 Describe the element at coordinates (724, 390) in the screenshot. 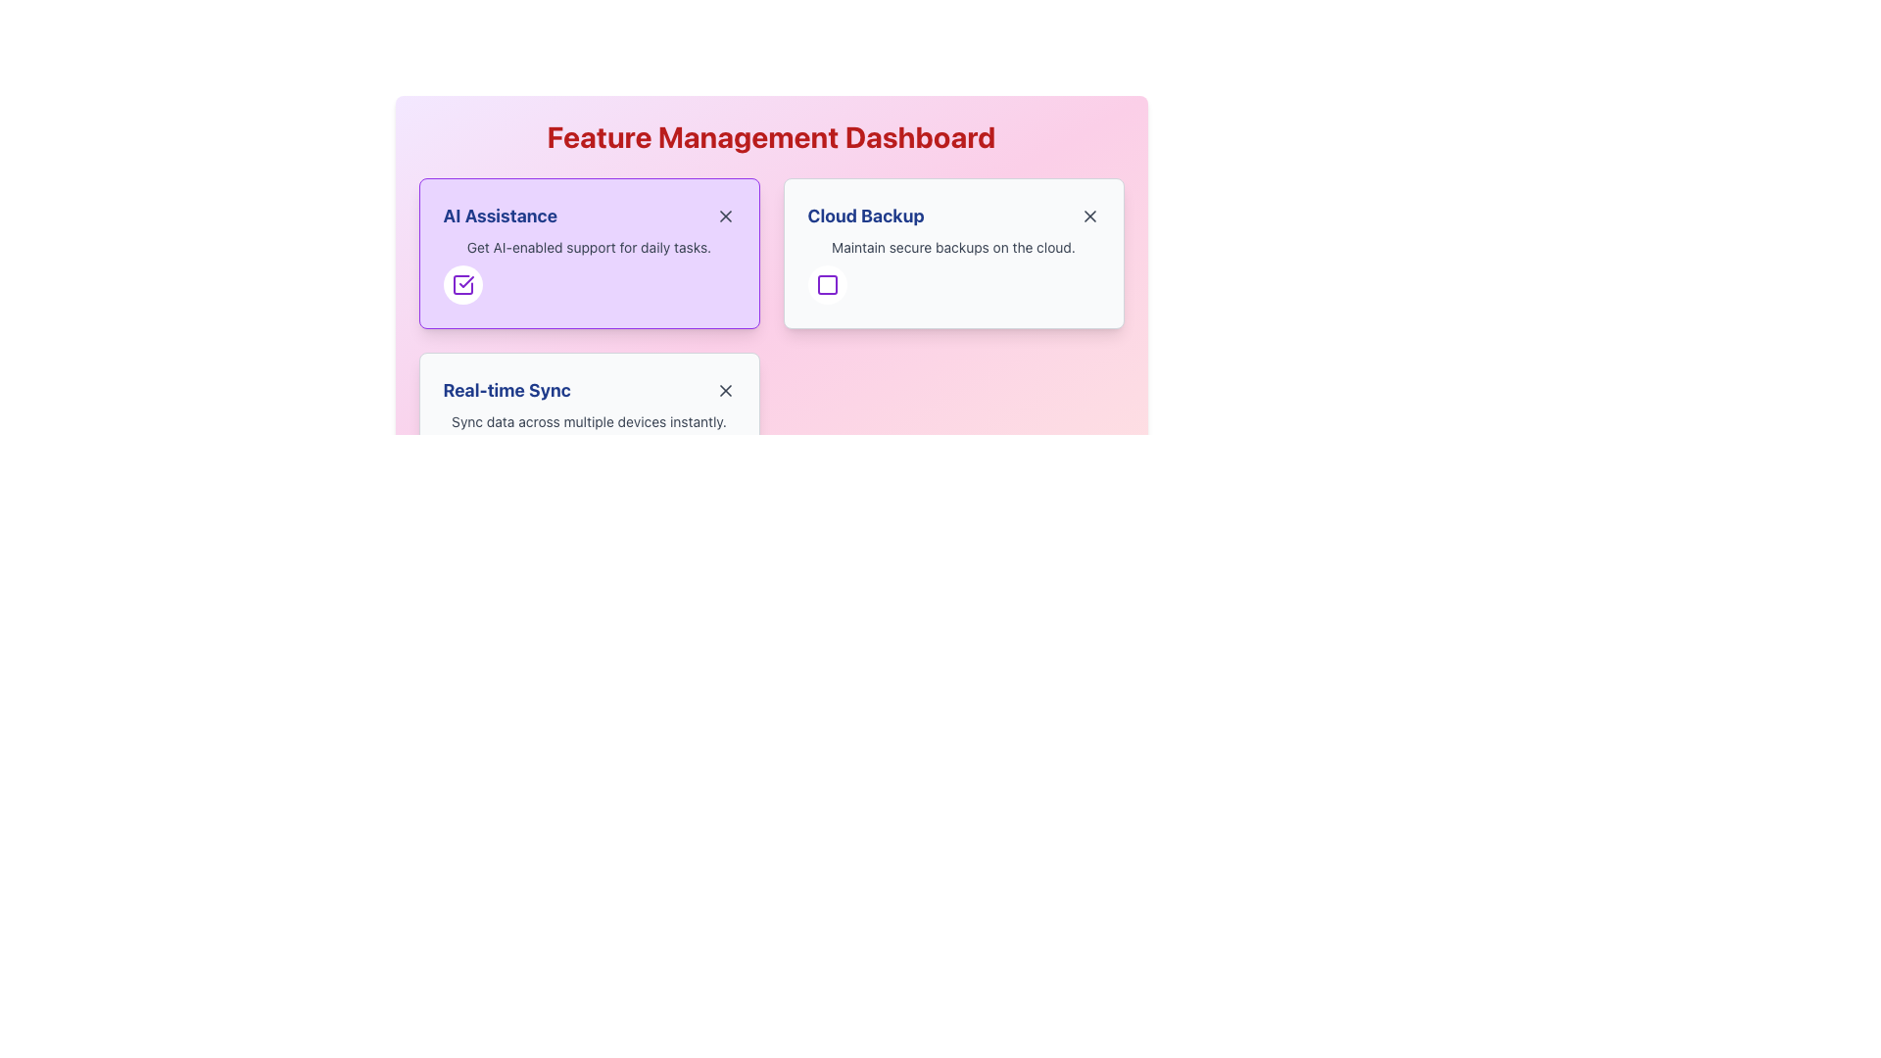

I see `the Close button located in the top-right corner of the 'Real-time Sync' card within the 'Feature Management Dashboard' interface` at that location.